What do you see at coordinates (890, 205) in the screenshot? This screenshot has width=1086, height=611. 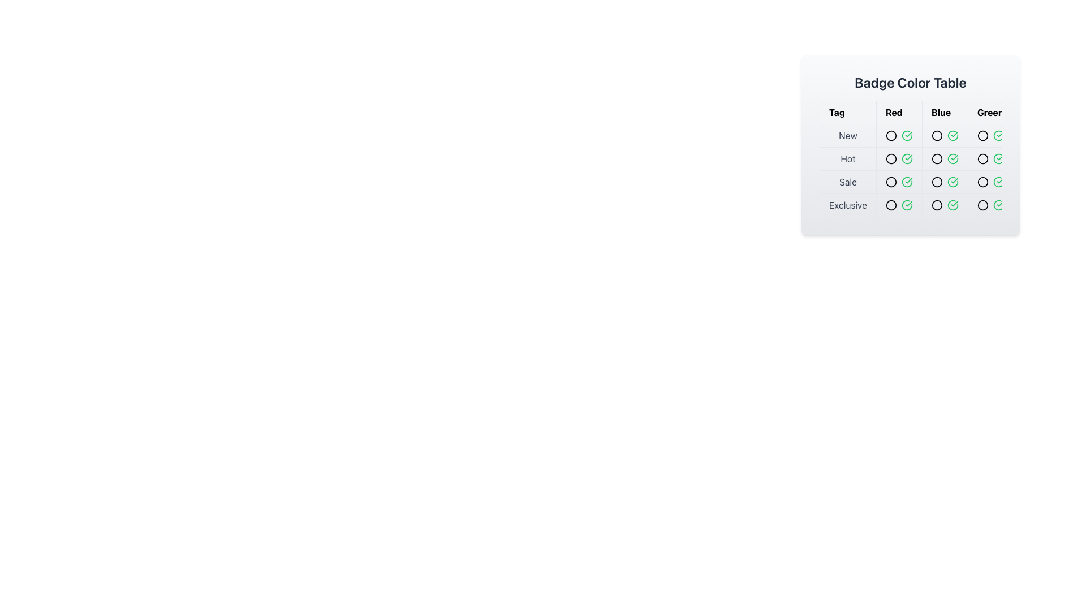 I see `the circular red icon in the 'Exclusive' row` at bounding box center [890, 205].